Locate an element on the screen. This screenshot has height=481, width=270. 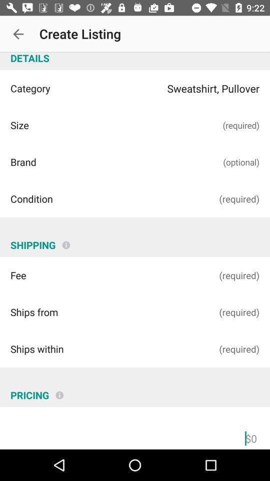
the item to the left of the create listing app is located at coordinates (18, 34).